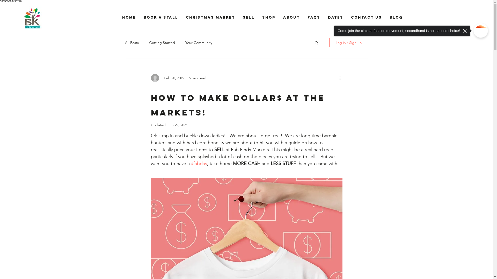 The height and width of the screenshot is (279, 497). Describe the element at coordinates (335, 17) in the screenshot. I see `'DATES'` at that location.